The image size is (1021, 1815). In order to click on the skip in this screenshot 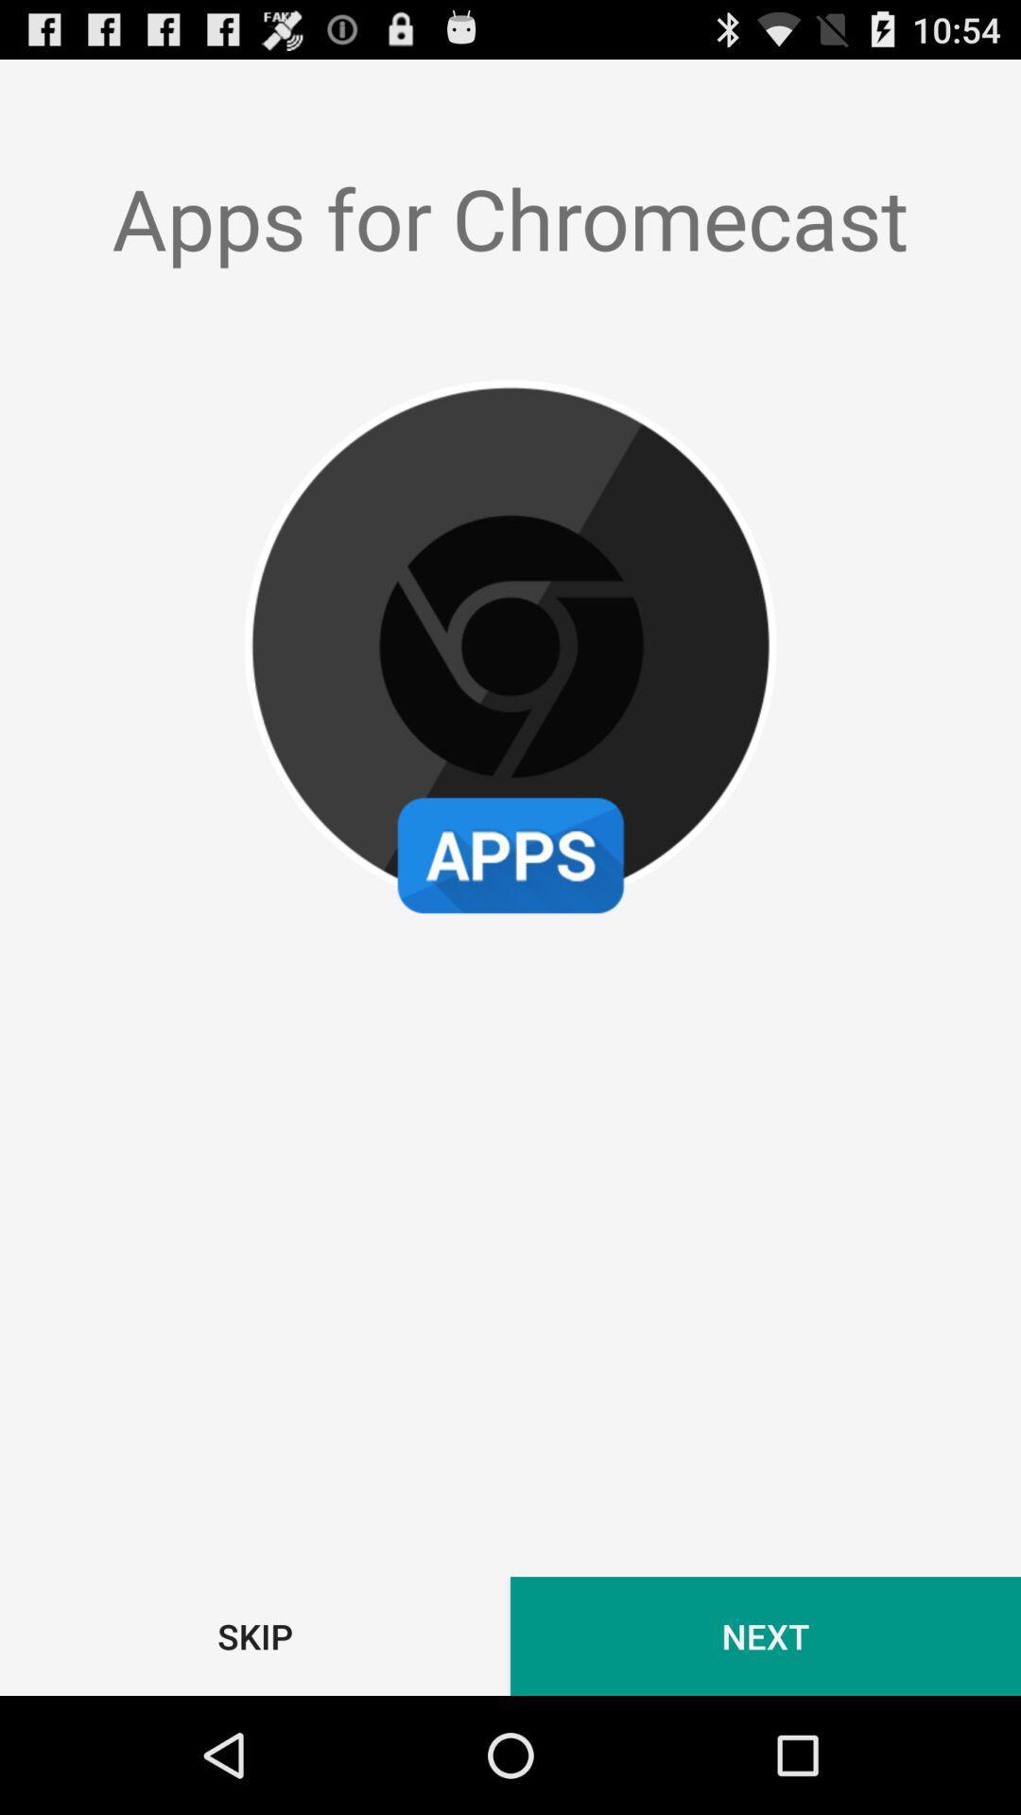, I will do `click(255, 1635)`.